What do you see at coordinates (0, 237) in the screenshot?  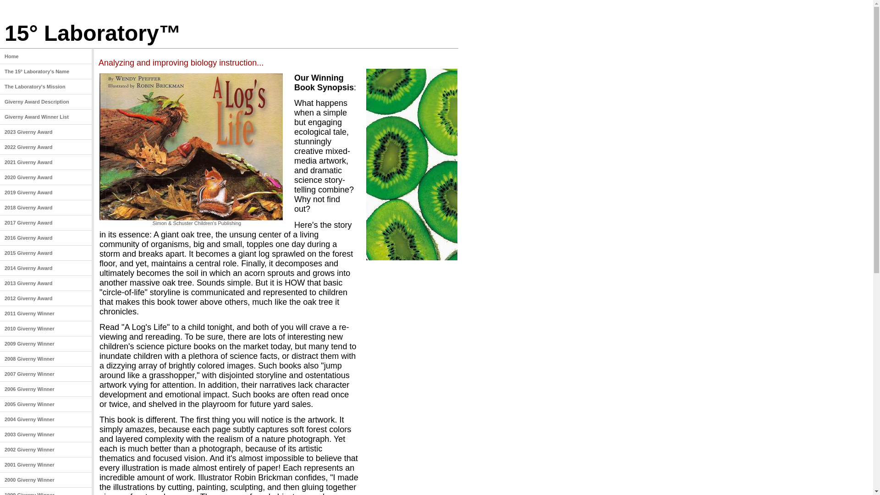 I see `'2016 Giverny Award'` at bounding box center [0, 237].